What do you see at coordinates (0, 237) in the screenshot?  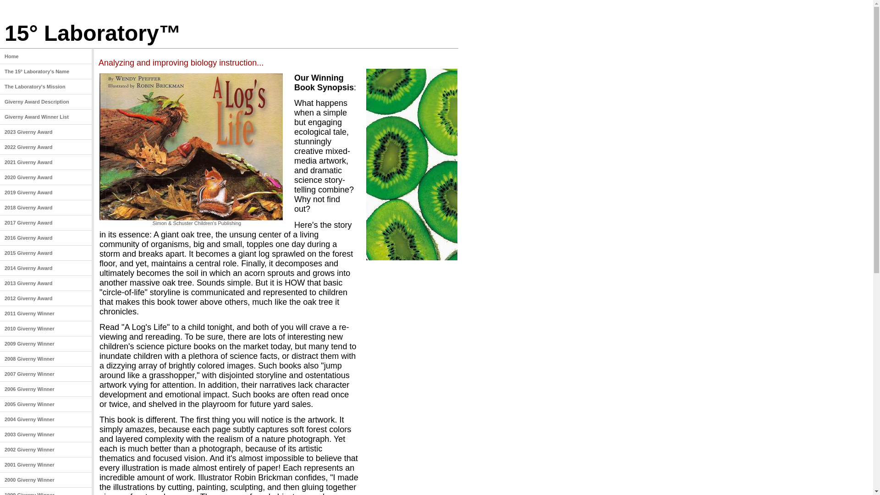 I see `'2016 Giverny Award'` at bounding box center [0, 237].